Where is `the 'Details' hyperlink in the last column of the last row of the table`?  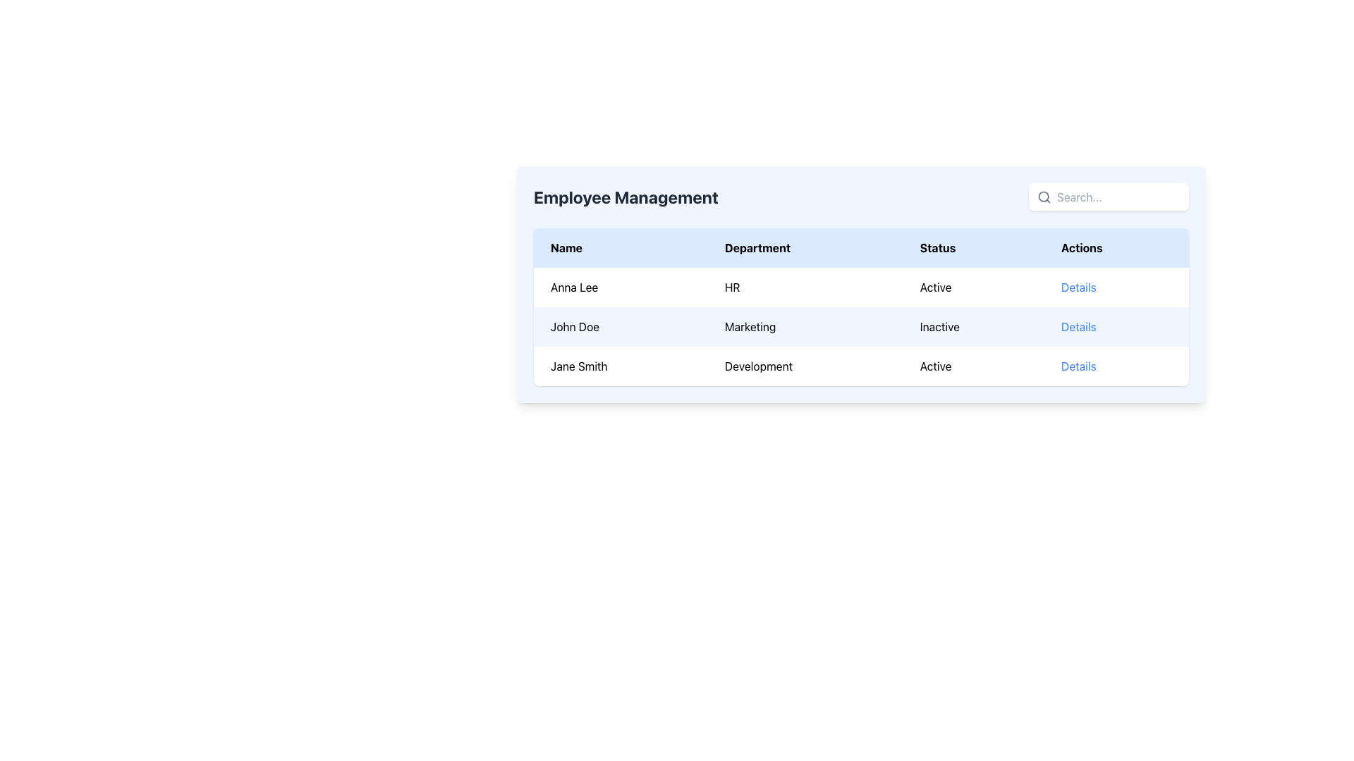 the 'Details' hyperlink in the last column of the last row of the table is located at coordinates (1116, 366).